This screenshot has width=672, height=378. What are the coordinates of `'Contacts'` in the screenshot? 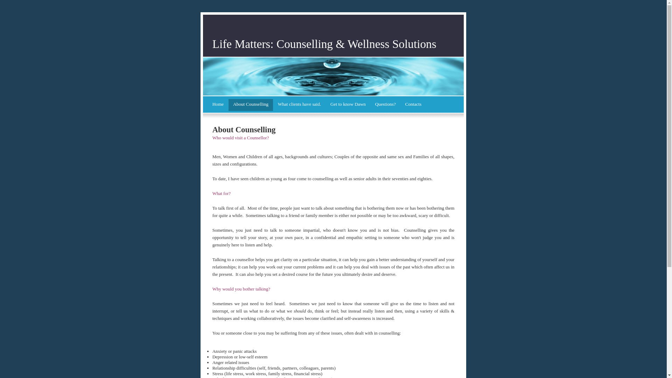 It's located at (413, 105).